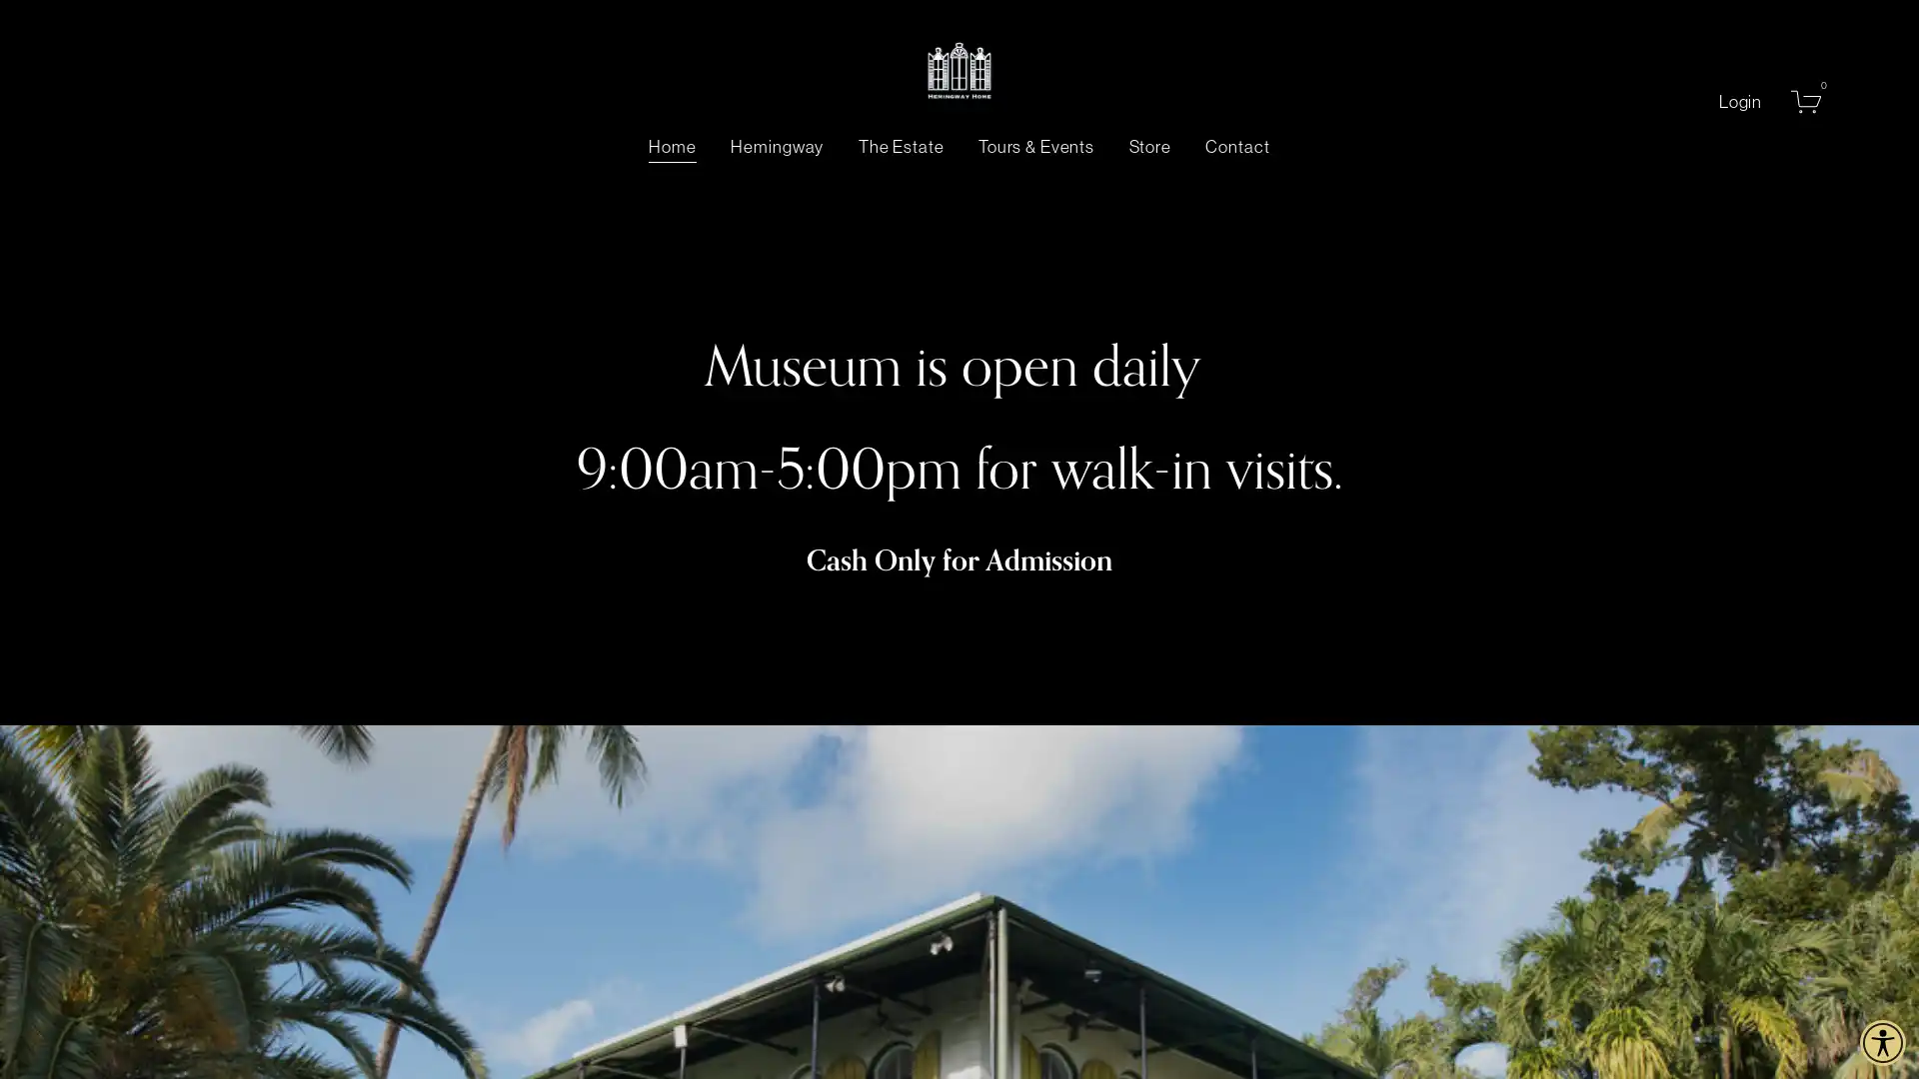 This screenshot has width=1919, height=1079. What do you see at coordinates (1881, 1042) in the screenshot?
I see `Accessibility Menu` at bounding box center [1881, 1042].